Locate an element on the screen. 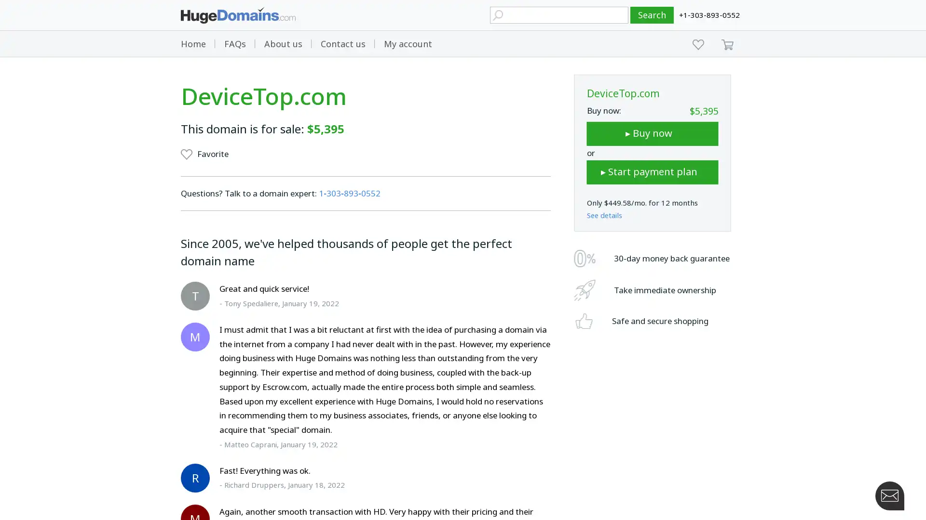  Search is located at coordinates (652, 15).